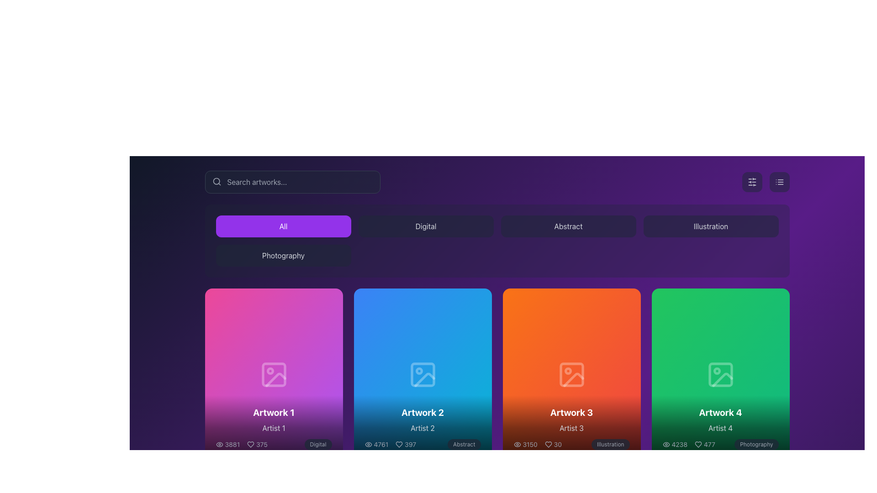 Image resolution: width=877 pixels, height=493 pixels. Describe the element at coordinates (464, 444) in the screenshot. I see `text of the label or tag located at the bottom center of the second artwork card in the grid, beneath the text '397'` at that location.